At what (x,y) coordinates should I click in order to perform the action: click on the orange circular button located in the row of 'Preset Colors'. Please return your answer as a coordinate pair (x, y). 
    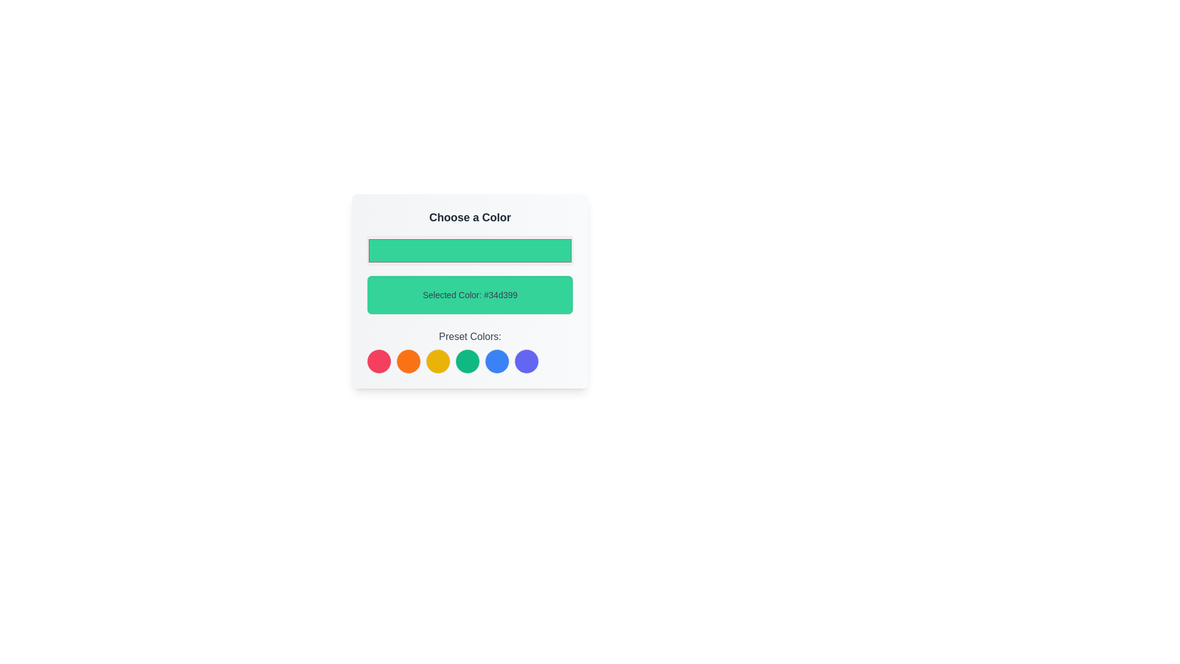
    Looking at the image, I should click on (409, 360).